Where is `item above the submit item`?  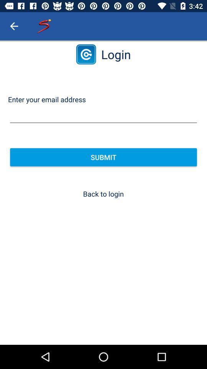 item above the submit item is located at coordinates (103, 115).